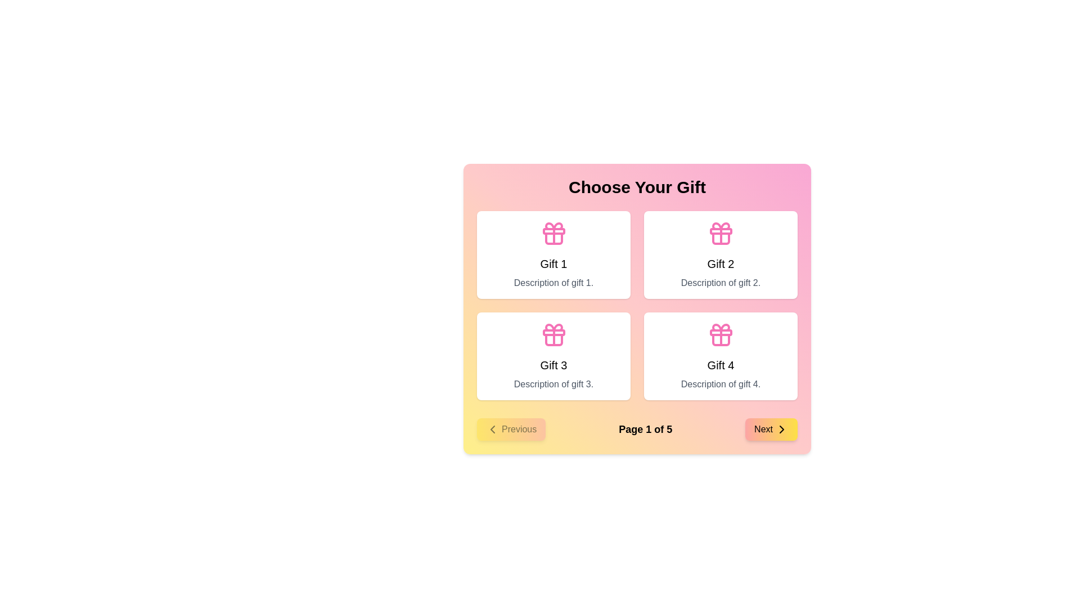 The image size is (1080, 608). I want to click on the 'Gift 3' text label, which serves as the title for the third gift card in the grid layout, so click(553, 365).